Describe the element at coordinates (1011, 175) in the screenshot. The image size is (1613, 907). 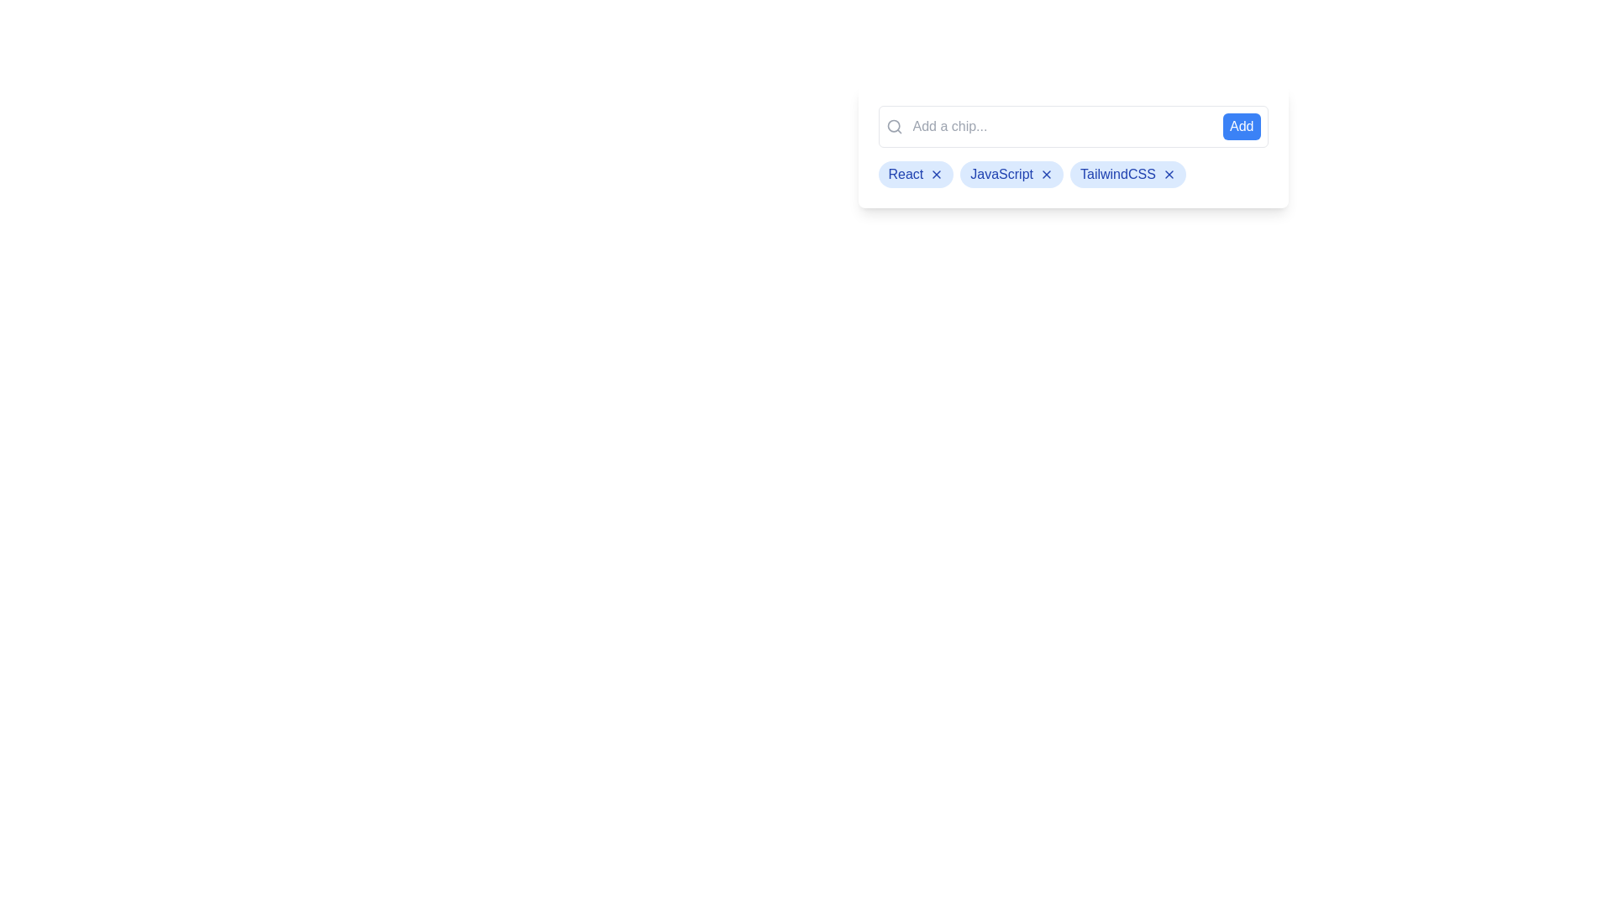
I see `the chip labeled JavaScript` at that location.